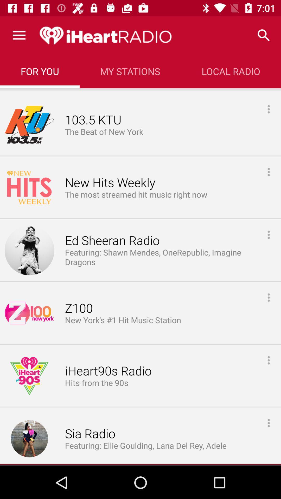 The image size is (281, 499). I want to click on icon next to my stations, so click(264, 35).